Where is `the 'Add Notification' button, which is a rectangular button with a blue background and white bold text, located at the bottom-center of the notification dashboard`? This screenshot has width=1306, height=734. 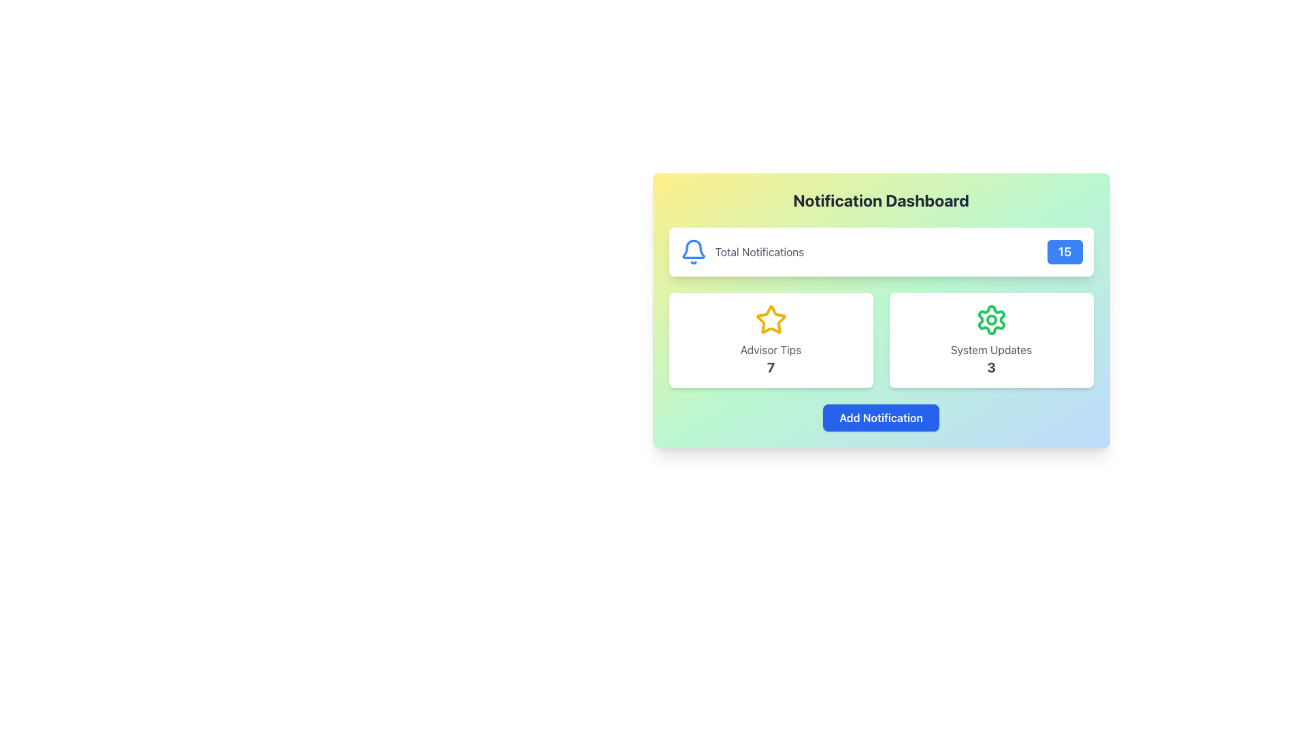 the 'Add Notification' button, which is a rectangular button with a blue background and white bold text, located at the bottom-center of the notification dashboard is located at coordinates (881, 417).